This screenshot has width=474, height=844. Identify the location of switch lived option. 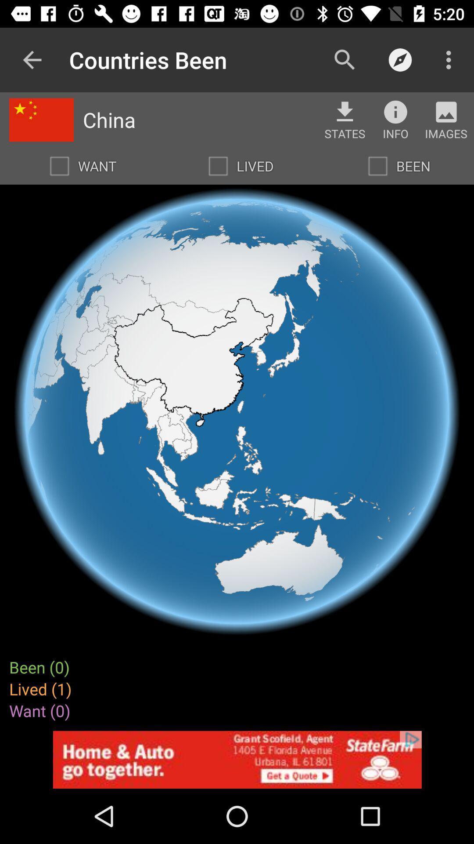
(218, 166).